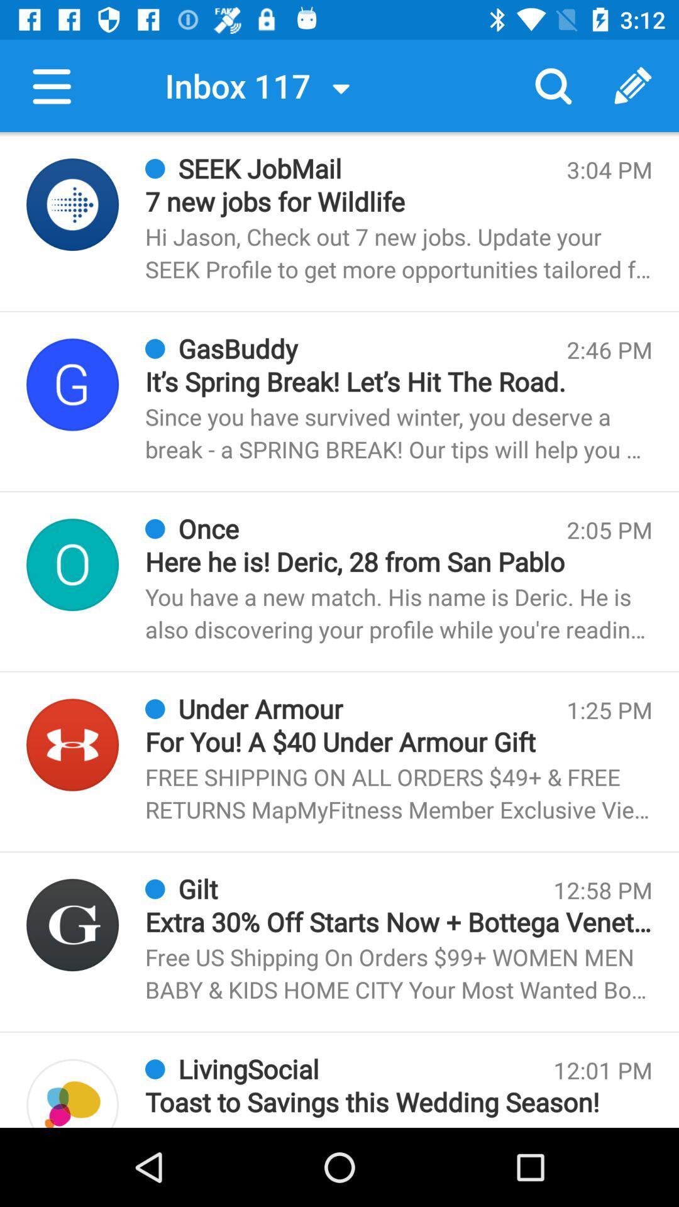 The image size is (679, 1207). Describe the element at coordinates (72, 1093) in the screenshot. I see `the four different color box which is besides the living social` at that location.